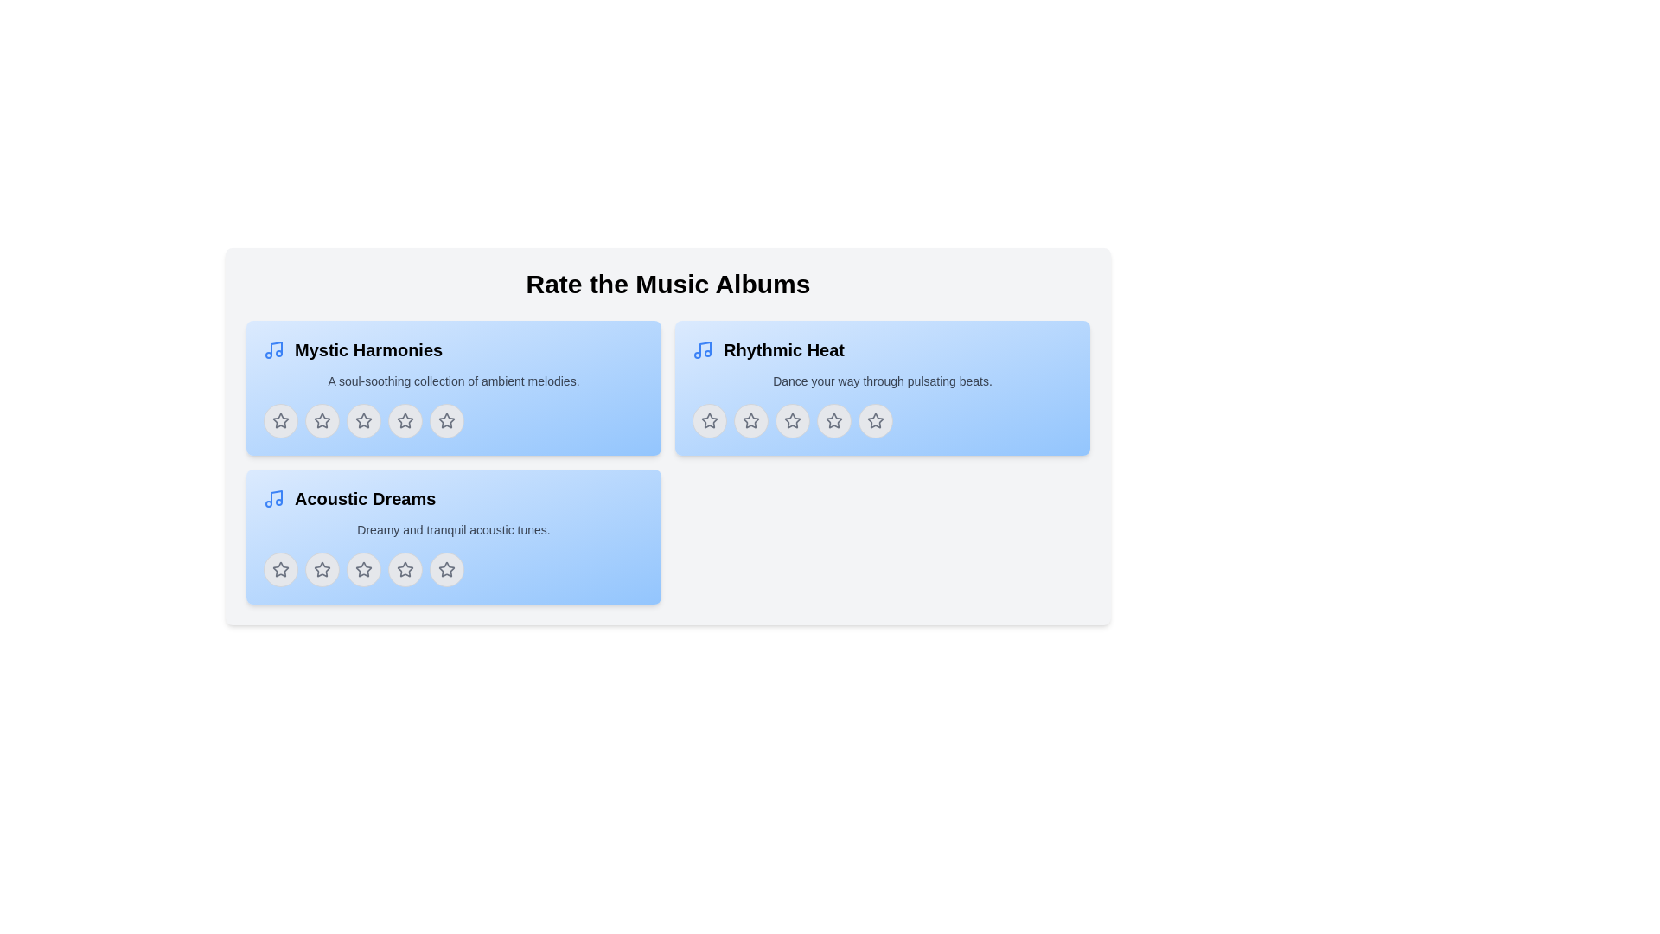  What do you see at coordinates (833, 420) in the screenshot?
I see `the circular button with a gray background and an outlined star icon` at bounding box center [833, 420].